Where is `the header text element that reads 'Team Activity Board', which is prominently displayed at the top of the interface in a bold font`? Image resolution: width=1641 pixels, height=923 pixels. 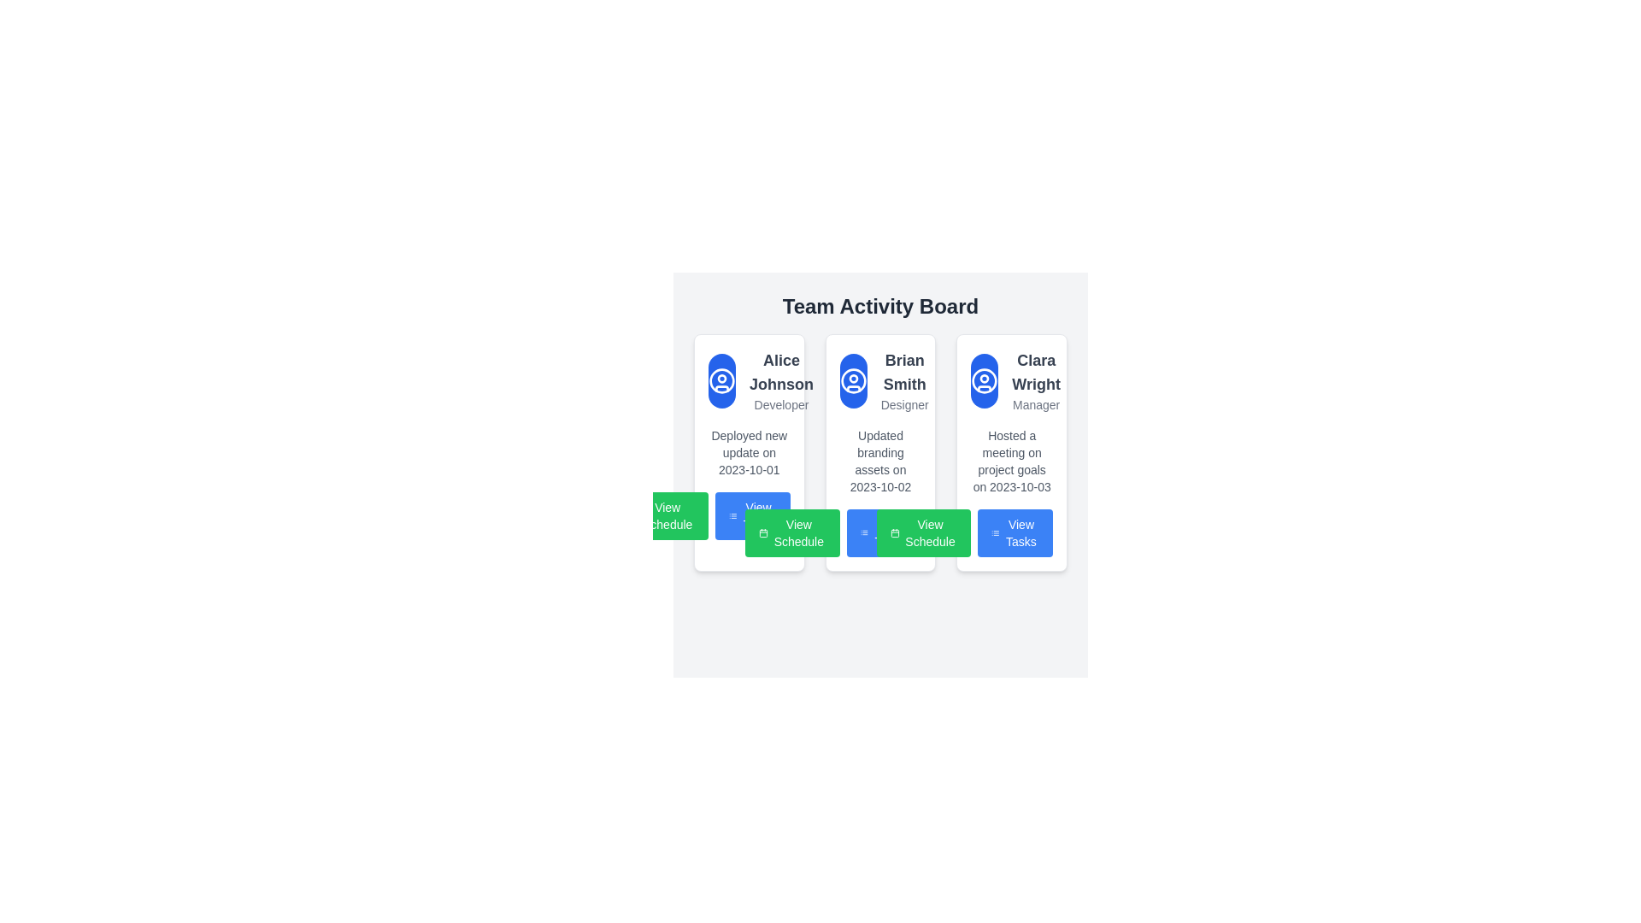
the header text element that reads 'Team Activity Board', which is prominently displayed at the top of the interface in a bold font is located at coordinates (880, 305).